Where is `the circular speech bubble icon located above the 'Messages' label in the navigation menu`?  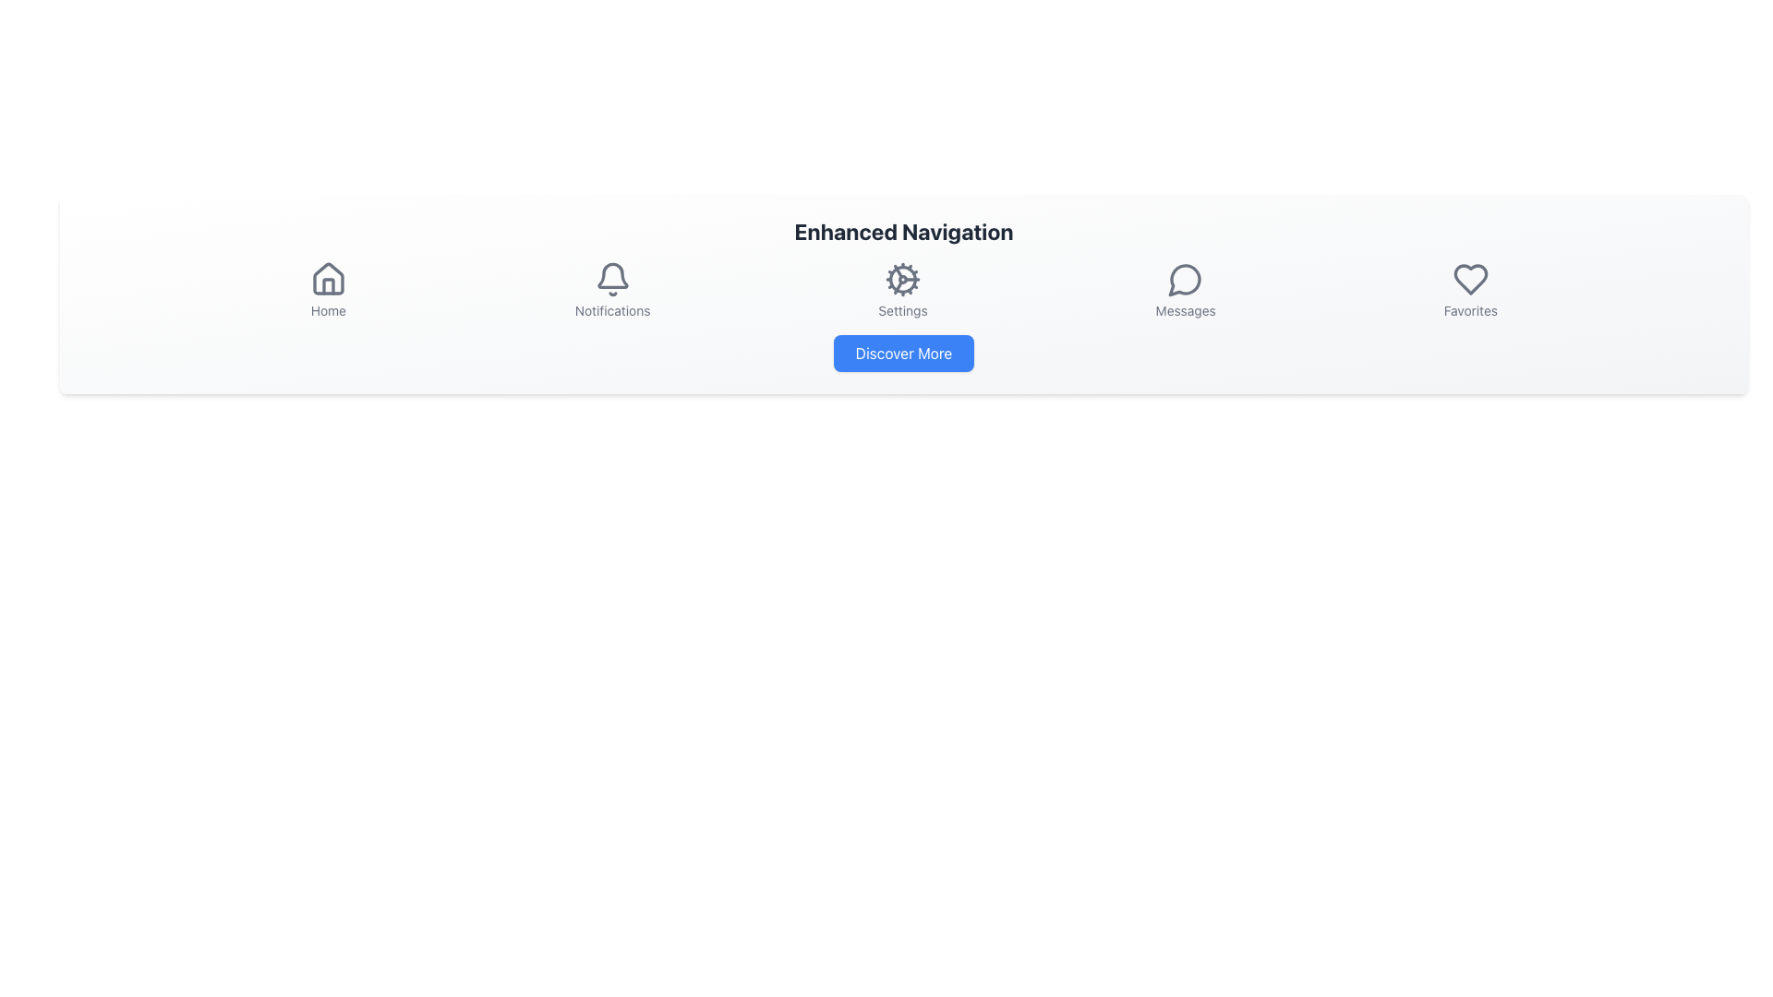
the circular speech bubble icon located above the 'Messages' label in the navigation menu is located at coordinates (1186, 280).